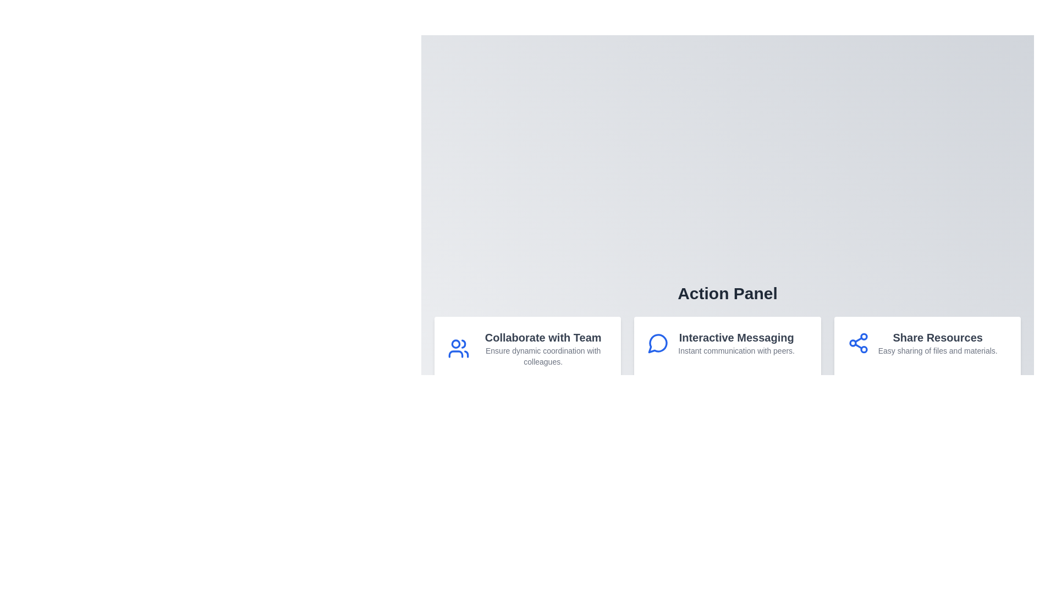 This screenshot has width=1056, height=594. I want to click on supplementary text label providing context about the 'Interactive Messaging' feature, located below the header in the middle section of the row, so click(736, 350).